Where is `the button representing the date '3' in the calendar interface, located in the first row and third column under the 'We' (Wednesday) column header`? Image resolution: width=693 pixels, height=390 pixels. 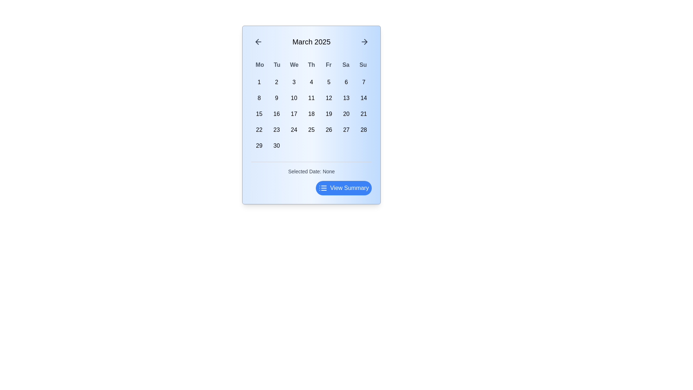
the button representing the date '3' in the calendar interface, located in the first row and third column under the 'We' (Wednesday) column header is located at coordinates (294, 82).